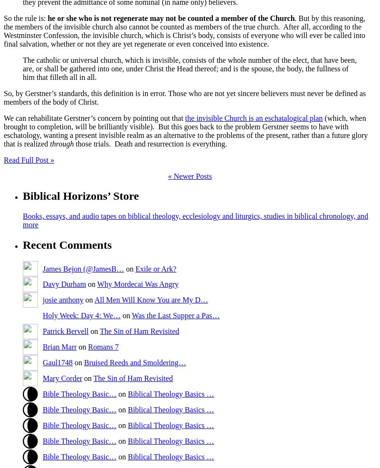 This screenshot has height=468, width=380. Describe the element at coordinates (94, 117) in the screenshot. I see `'We can rehabilitate Gerstner’s concern by pointing out that'` at that location.